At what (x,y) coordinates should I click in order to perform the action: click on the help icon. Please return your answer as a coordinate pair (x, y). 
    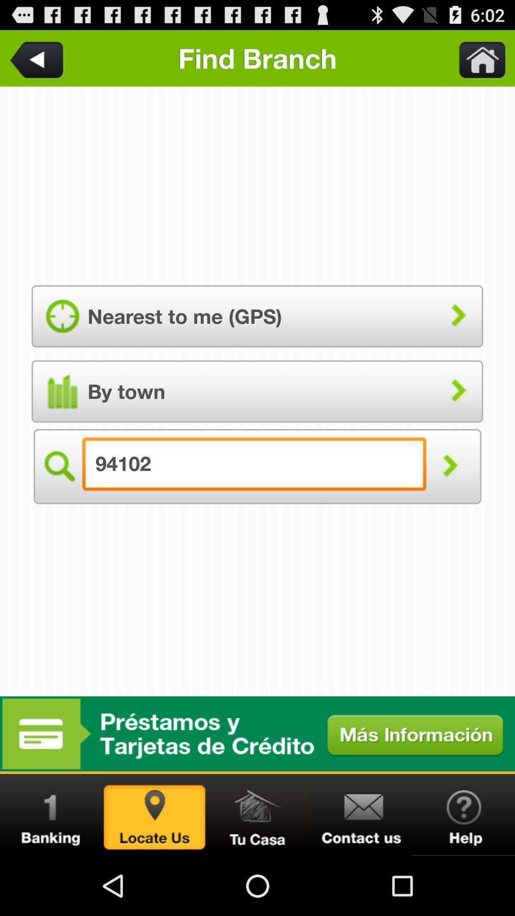
    Looking at the image, I should click on (463, 872).